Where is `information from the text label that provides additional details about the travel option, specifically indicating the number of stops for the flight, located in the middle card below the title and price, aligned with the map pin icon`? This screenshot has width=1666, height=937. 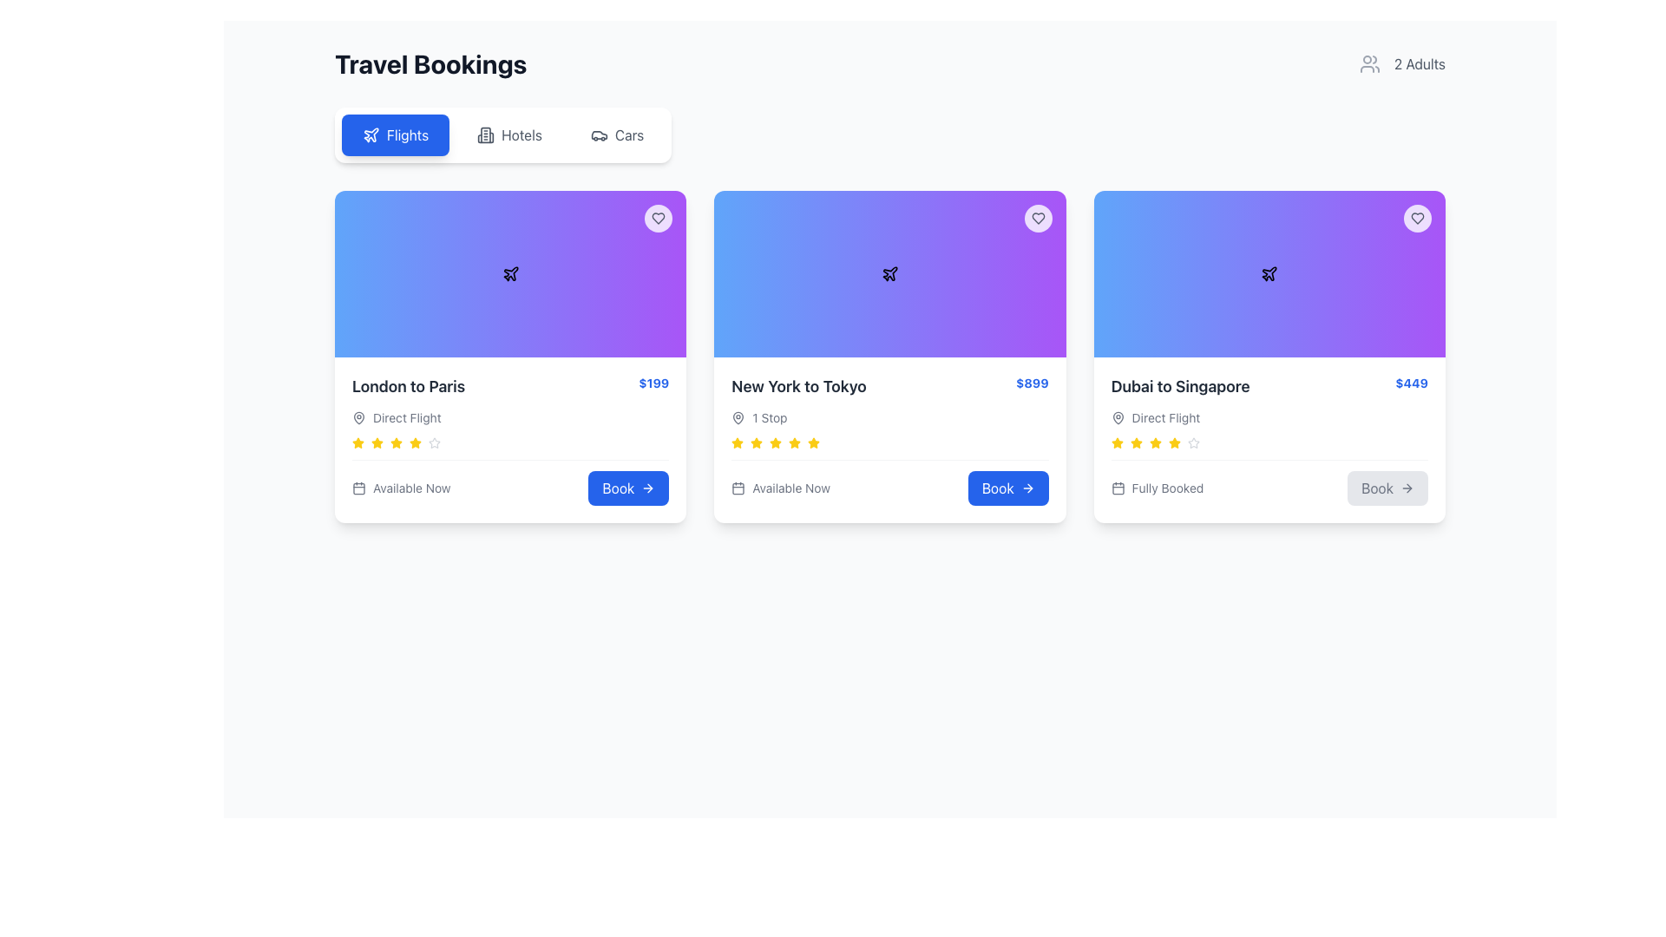
information from the text label that provides additional details about the travel option, specifically indicating the number of stops for the flight, located in the middle card below the title and price, aligned with the map pin icon is located at coordinates (769, 418).